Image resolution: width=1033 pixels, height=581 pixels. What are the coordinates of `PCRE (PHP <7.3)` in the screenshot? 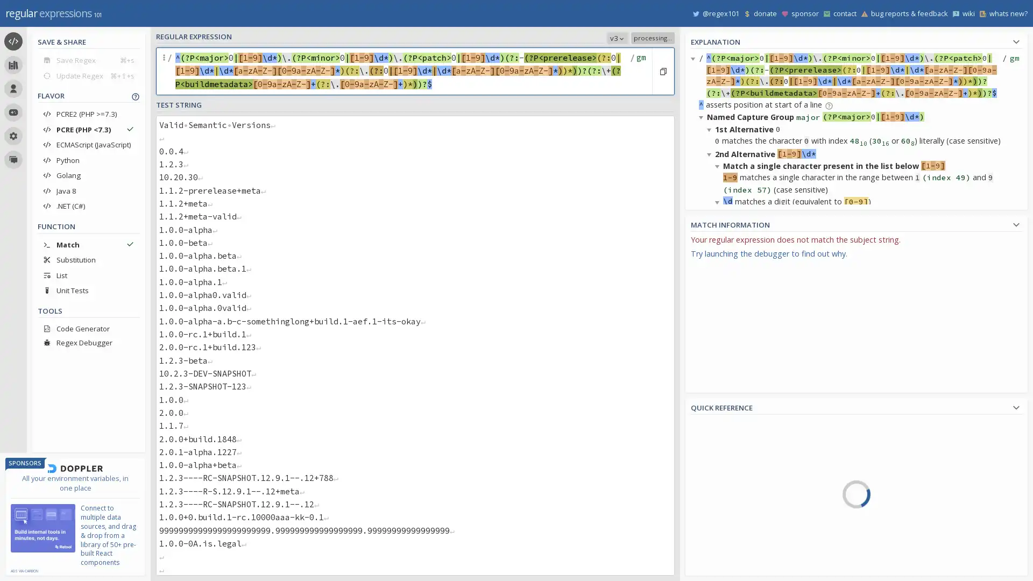 It's located at (88, 129).